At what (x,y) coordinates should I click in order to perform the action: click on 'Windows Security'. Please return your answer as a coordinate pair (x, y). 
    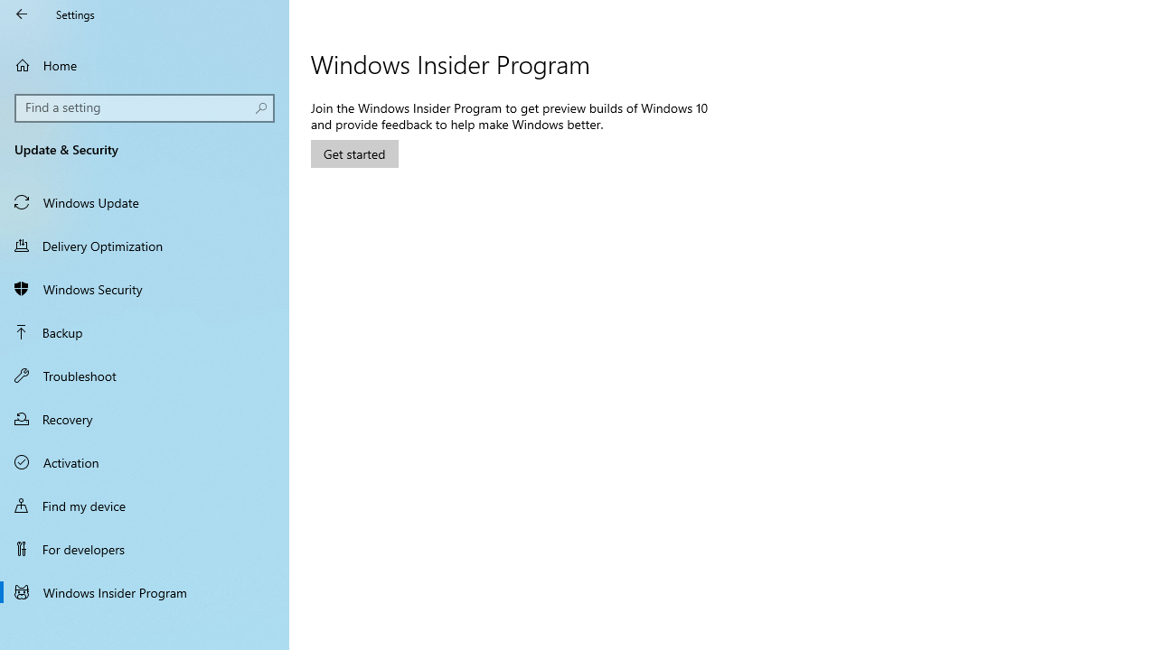
    Looking at the image, I should click on (145, 288).